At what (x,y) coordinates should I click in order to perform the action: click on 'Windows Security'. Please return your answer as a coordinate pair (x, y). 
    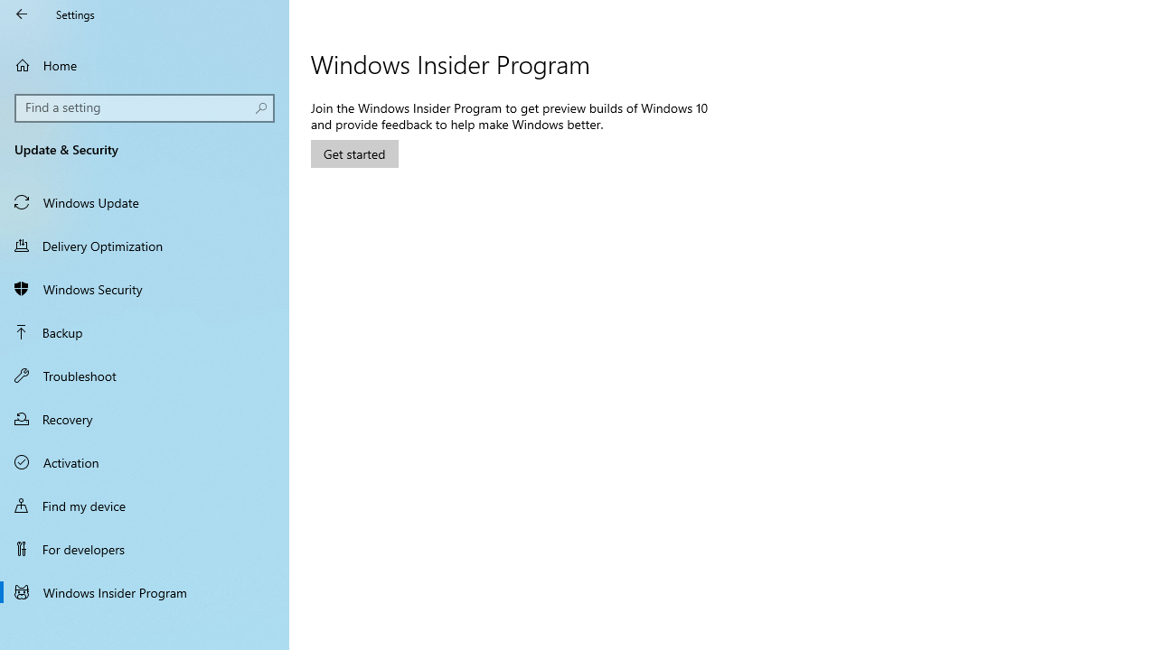
    Looking at the image, I should click on (145, 288).